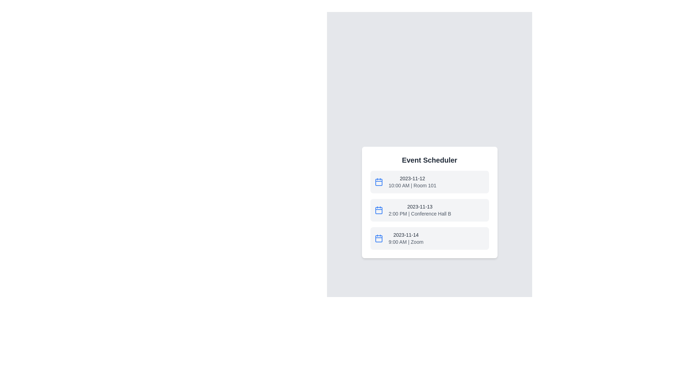  I want to click on details of the scheduled event displayed in the text block located below the event for November 12, 2023, and above the event for November 14, 2023, centered horizontally within the white card, so click(429, 202).